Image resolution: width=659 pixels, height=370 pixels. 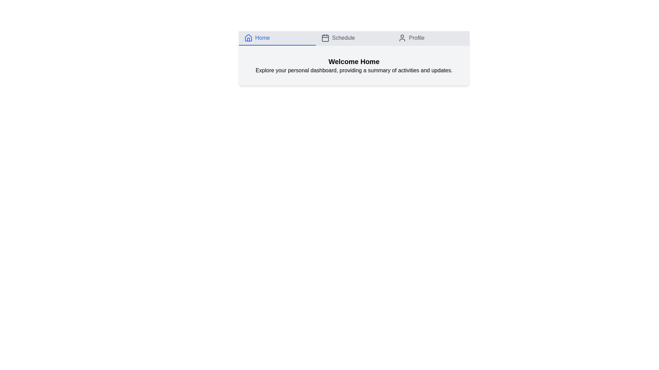 I want to click on the Profile tab, so click(x=430, y=38).